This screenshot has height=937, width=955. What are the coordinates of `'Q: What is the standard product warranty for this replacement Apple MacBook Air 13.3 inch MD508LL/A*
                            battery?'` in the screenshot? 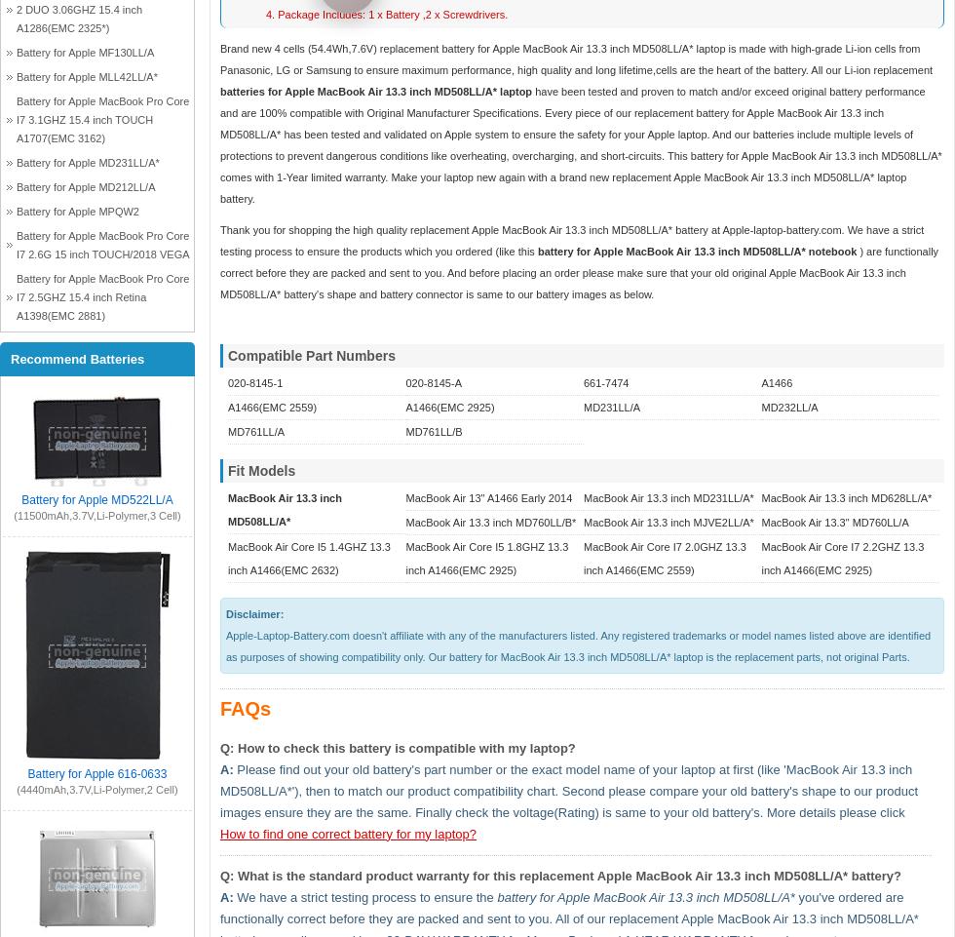 It's located at (560, 874).